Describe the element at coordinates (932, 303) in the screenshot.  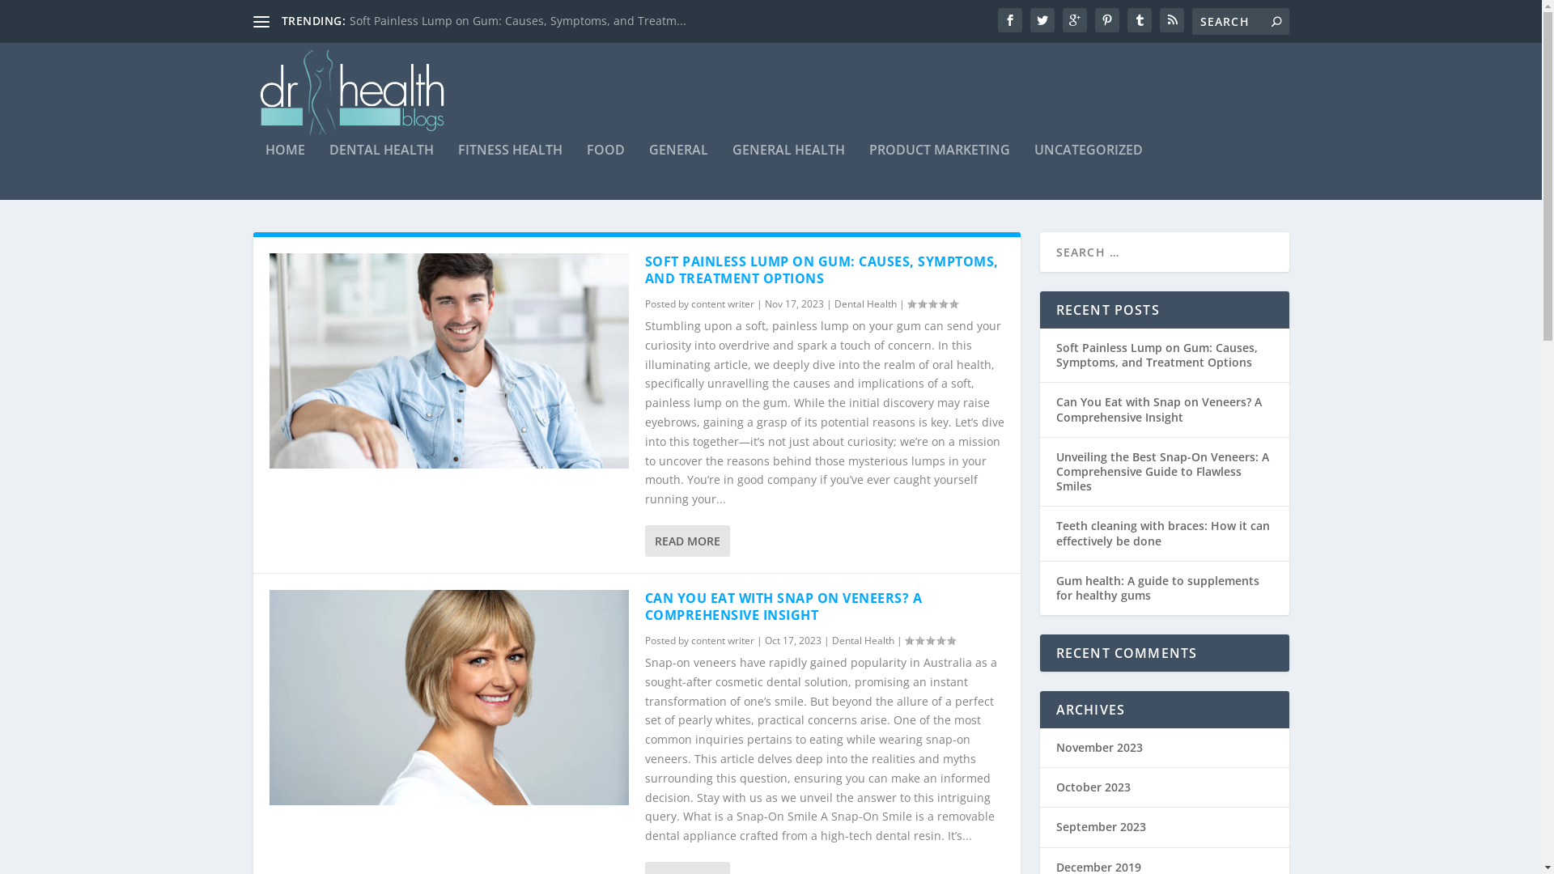
I see `'Rating: 0.00'` at that location.